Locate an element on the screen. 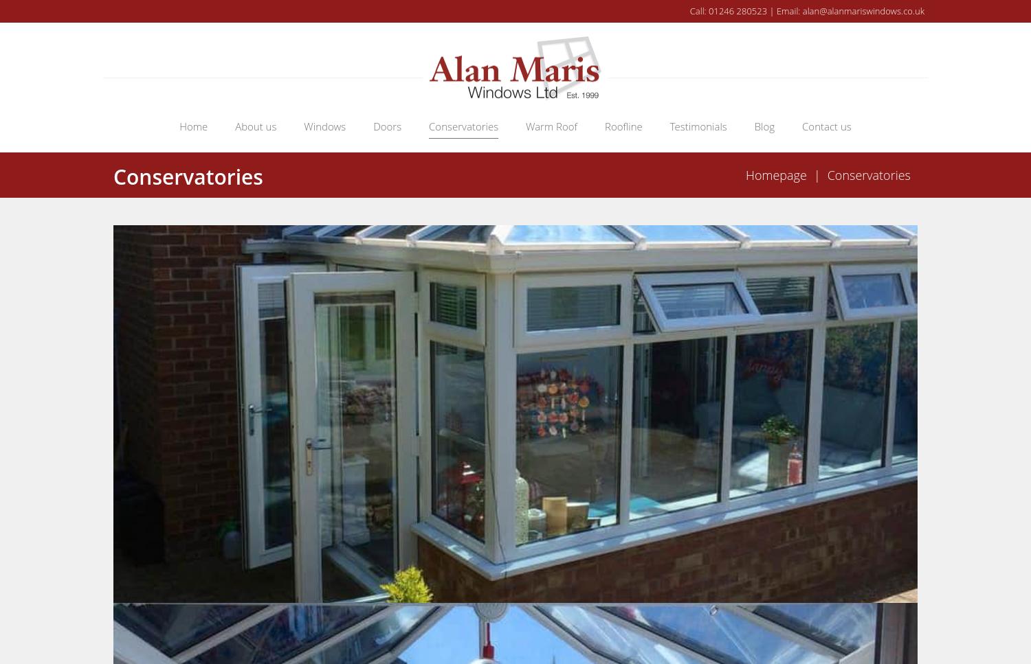 Image resolution: width=1031 pixels, height=664 pixels. 'Home' is located at coordinates (193, 125).